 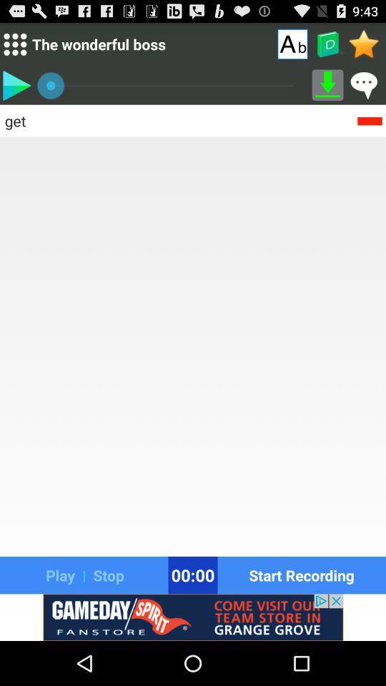 I want to click on the download, so click(x=327, y=85).